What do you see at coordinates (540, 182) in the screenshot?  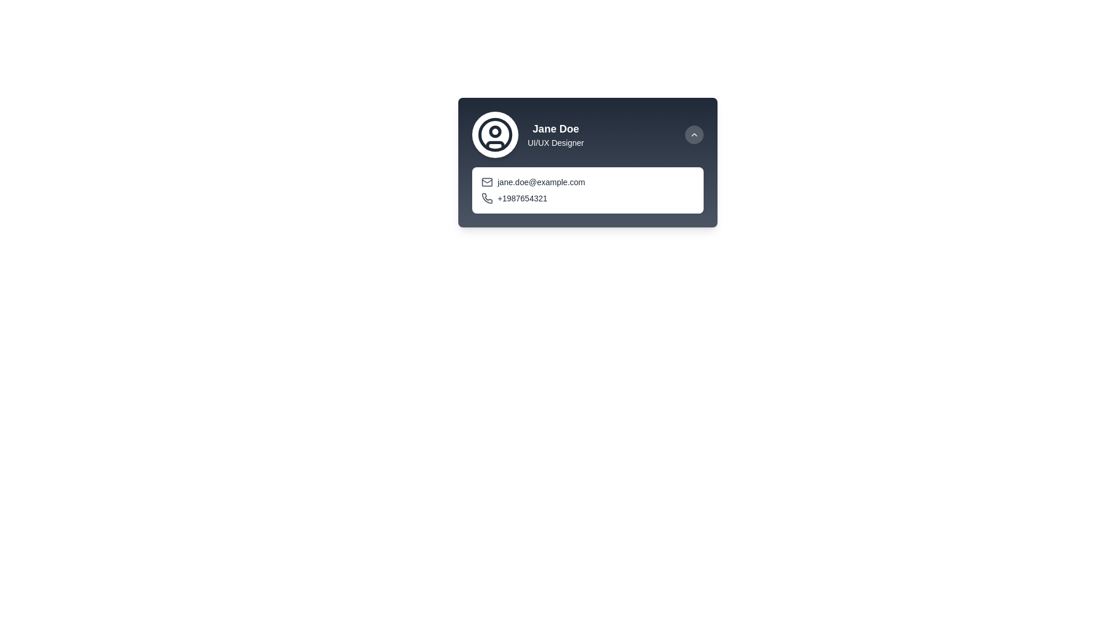 I see `the static text label element that displays the email address, located in the middle section of the user profile card, below the user's name and title, and to the right of the envelope icon` at bounding box center [540, 182].